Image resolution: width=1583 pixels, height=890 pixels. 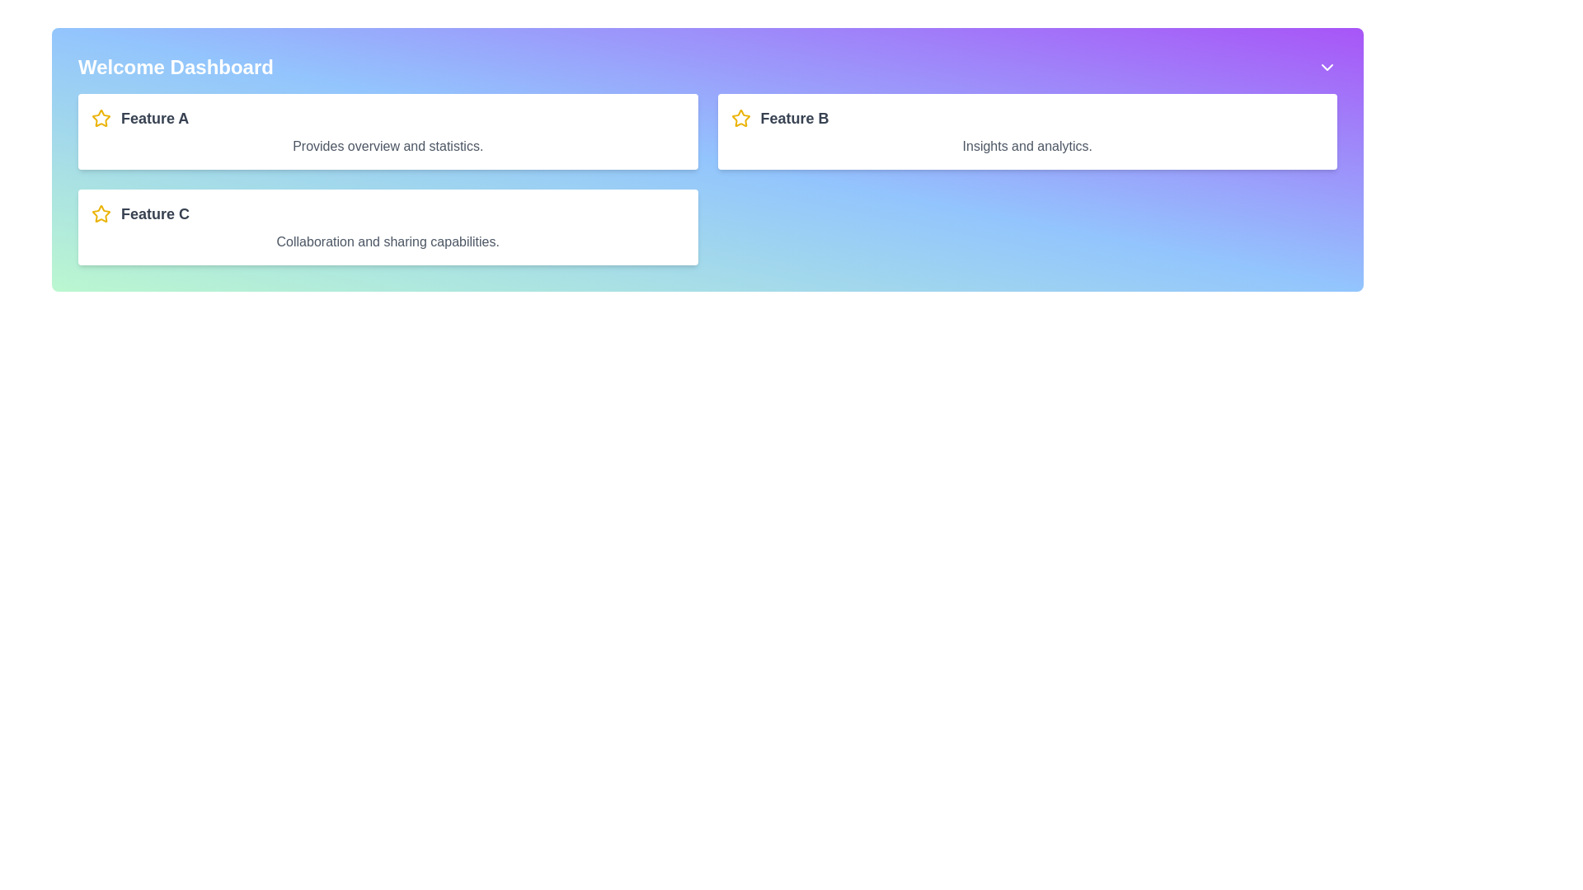 I want to click on text label that serves as the title for the second panel, located to the right of the star icon, so click(x=155, y=213).